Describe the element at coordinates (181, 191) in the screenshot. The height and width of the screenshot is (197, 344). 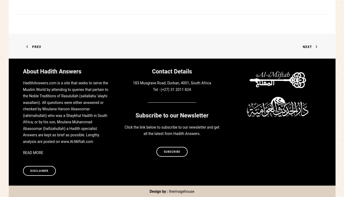
I see `'theimagehouse'` at that location.